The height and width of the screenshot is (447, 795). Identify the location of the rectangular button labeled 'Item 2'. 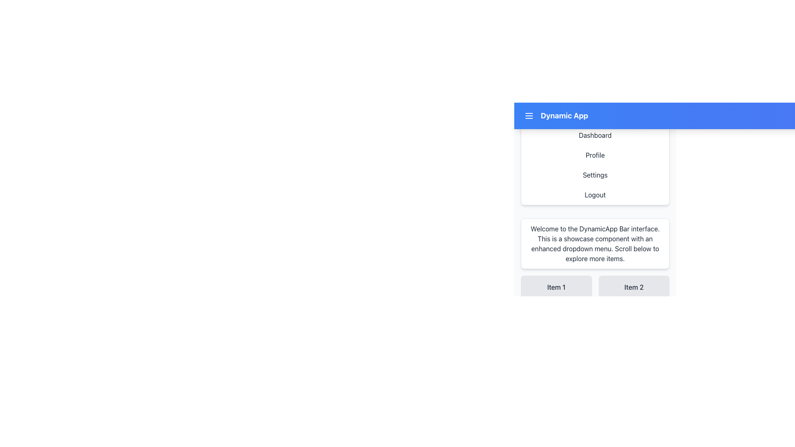
(634, 287).